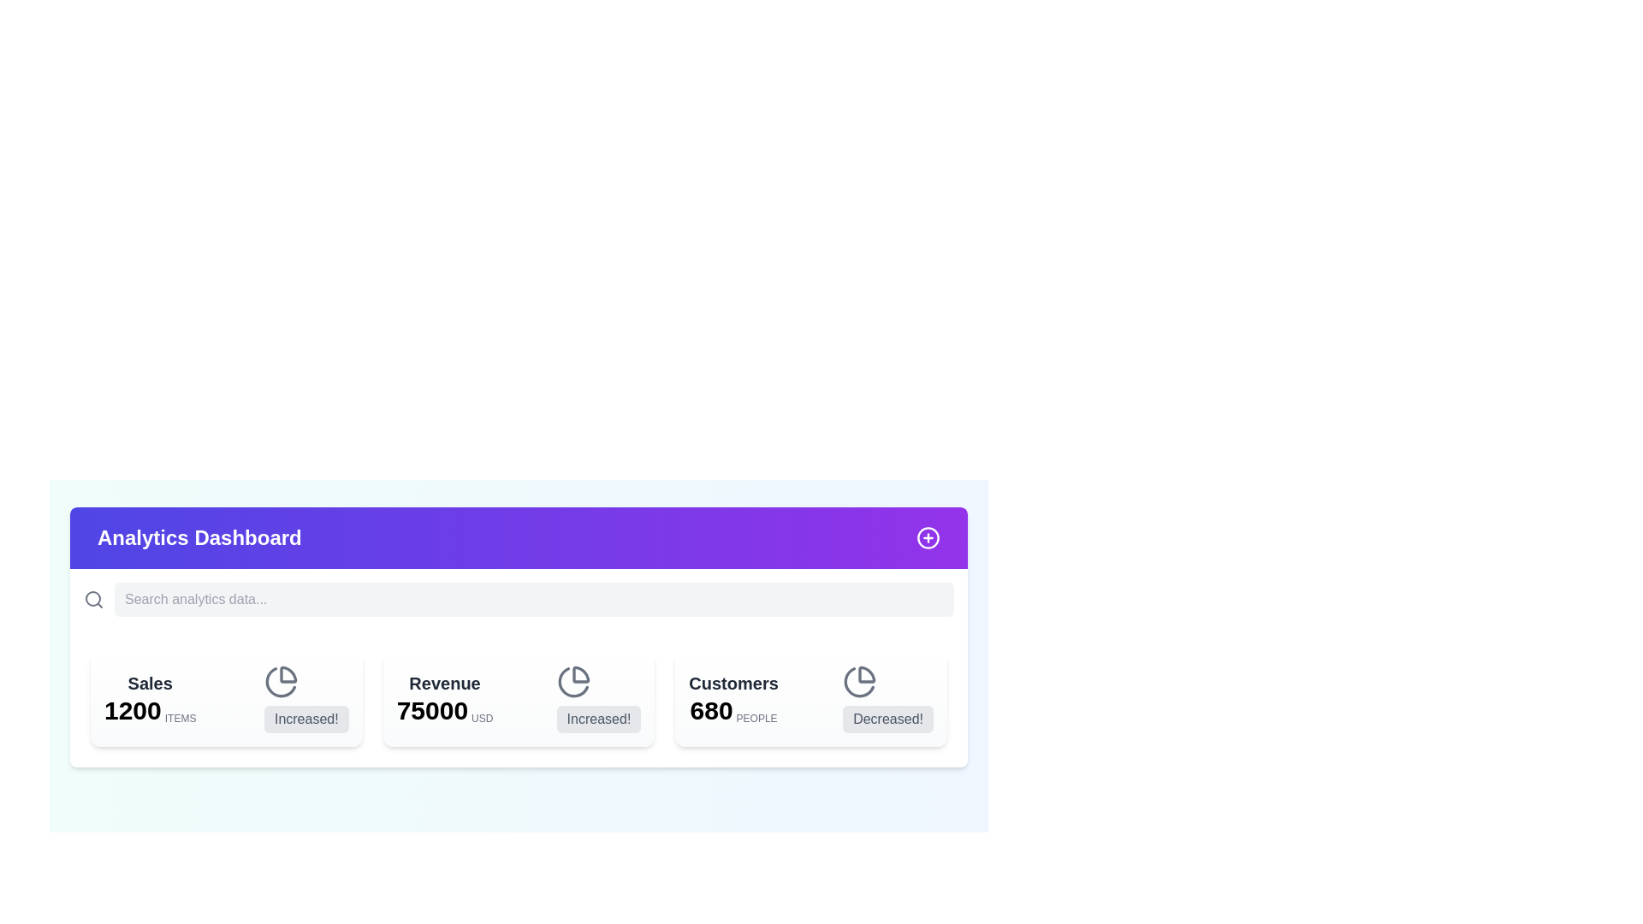 The height and width of the screenshot is (924, 1643). I want to click on the text label reading 'Decreased!' with a light gray background located at the rightmost position under the 'Customers' heading, so click(888, 719).